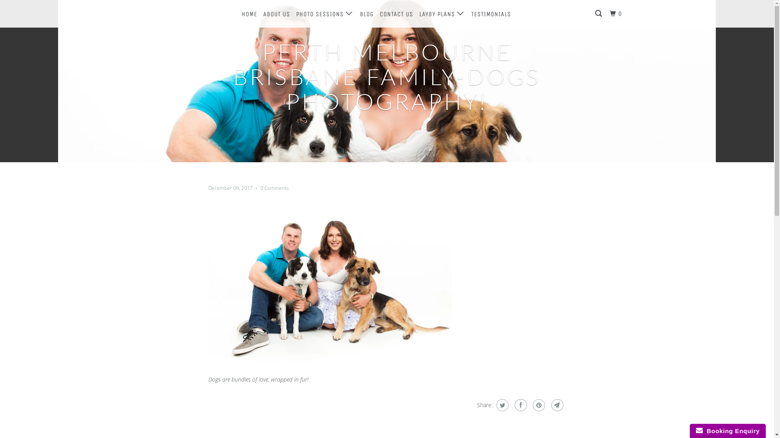 The image size is (780, 438). Describe the element at coordinates (396, 14) in the screenshot. I see `'CONTACT US'` at that location.